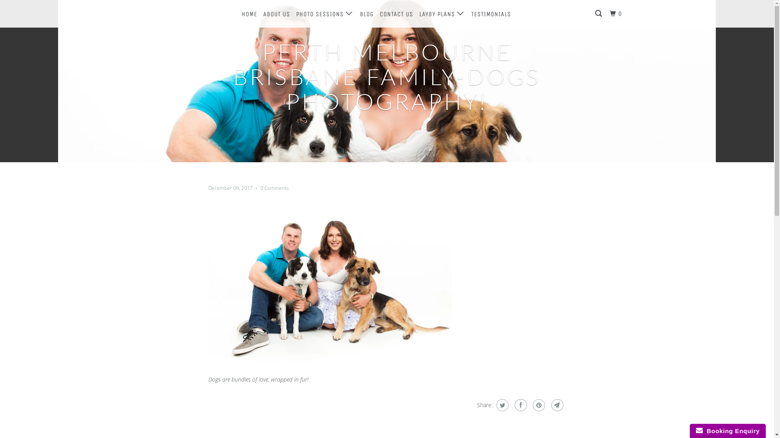 The image size is (780, 438). Describe the element at coordinates (396, 14) in the screenshot. I see `'CONTACT US'` at that location.